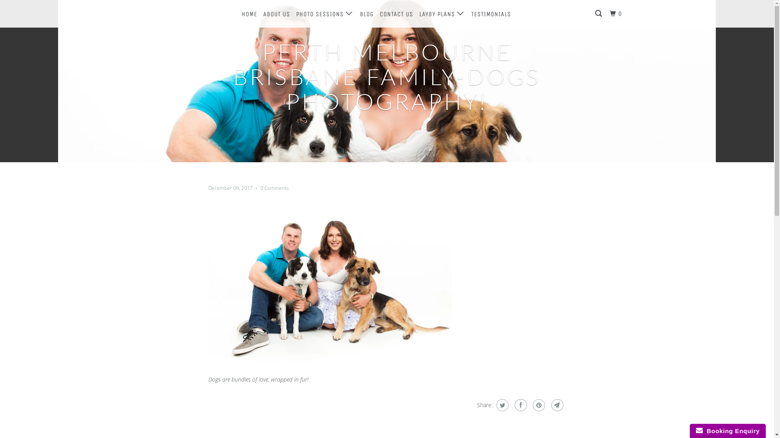 The image size is (780, 438). Describe the element at coordinates (396, 14) in the screenshot. I see `'CONTACT US'` at that location.